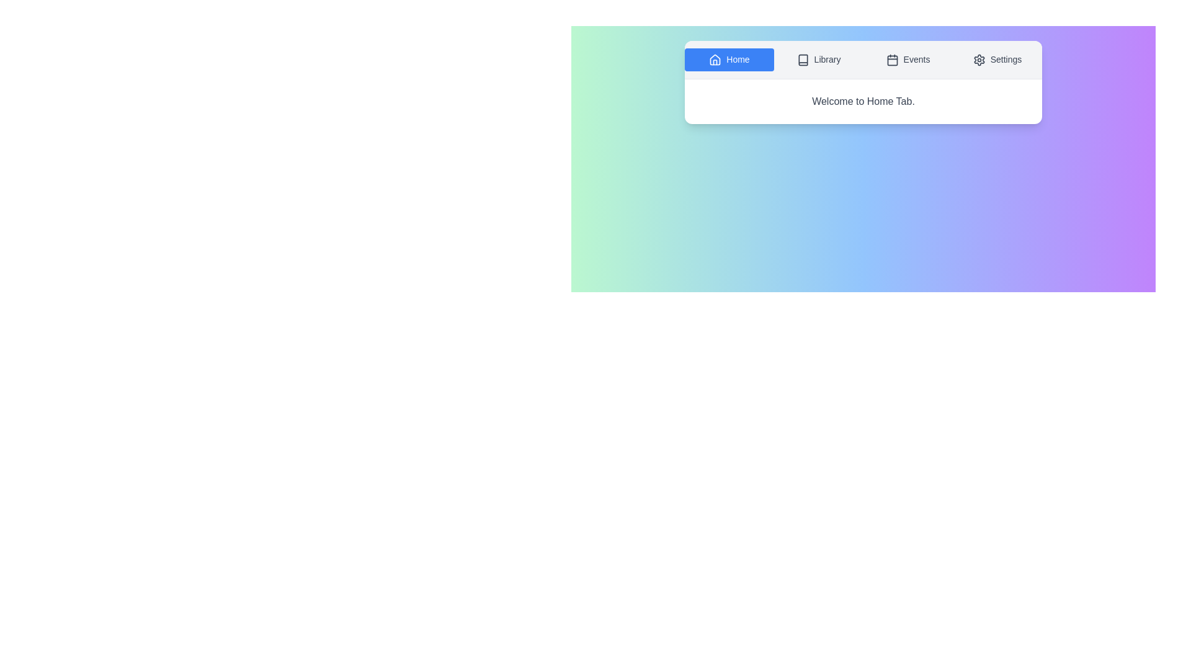 The width and height of the screenshot is (1191, 670). I want to click on the 'Library' button, so click(819, 60).